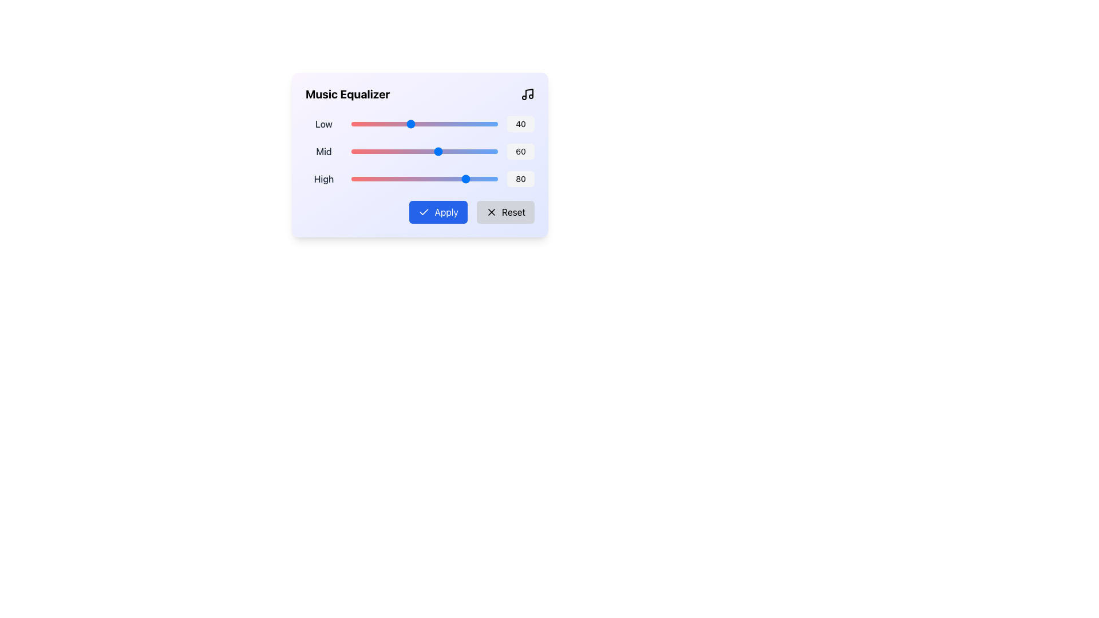  Describe the element at coordinates (505, 212) in the screenshot. I see `the 'Reset' button with a light gray background and an 'X' icon to reset settings` at that location.